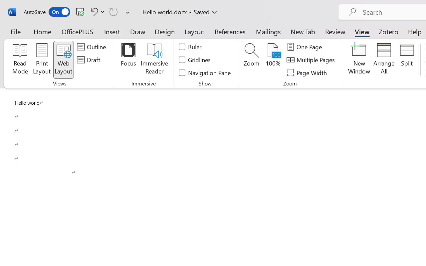 The image size is (426, 266). What do you see at coordinates (194, 31) in the screenshot?
I see `'Layout'` at bounding box center [194, 31].